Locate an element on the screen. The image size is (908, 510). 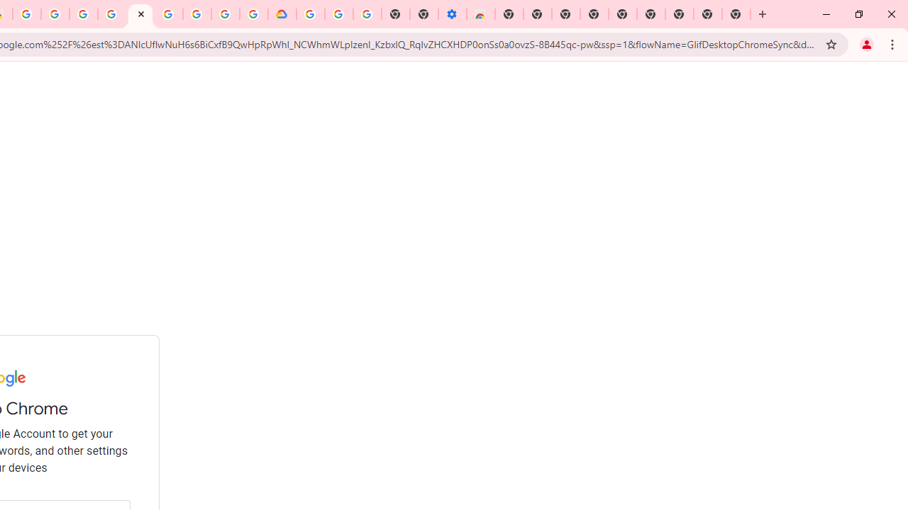
'New Tab' is located at coordinates (736, 14).